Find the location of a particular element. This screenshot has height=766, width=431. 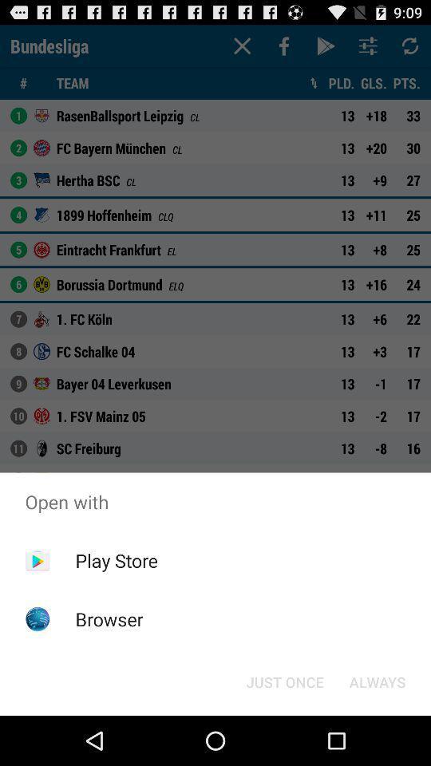

the always button is located at coordinates (377, 681).